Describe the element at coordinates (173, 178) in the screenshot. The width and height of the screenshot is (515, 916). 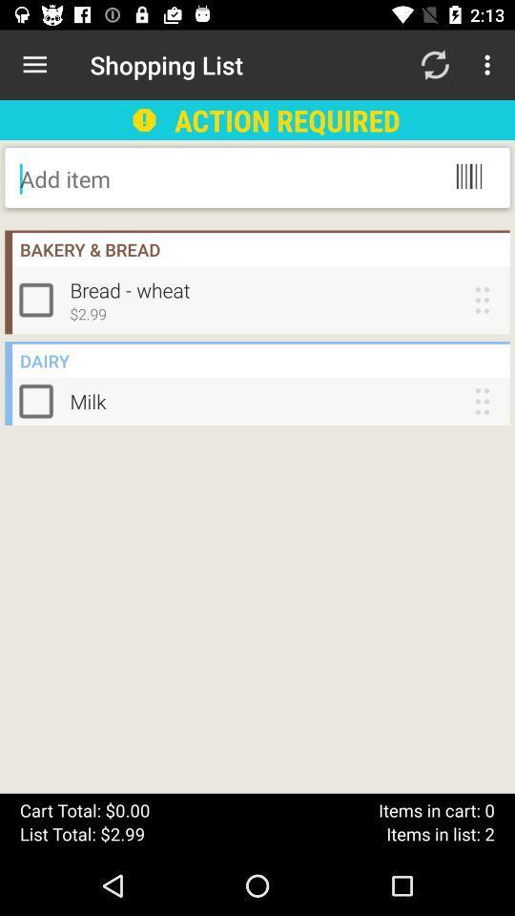
I see `item to list` at that location.